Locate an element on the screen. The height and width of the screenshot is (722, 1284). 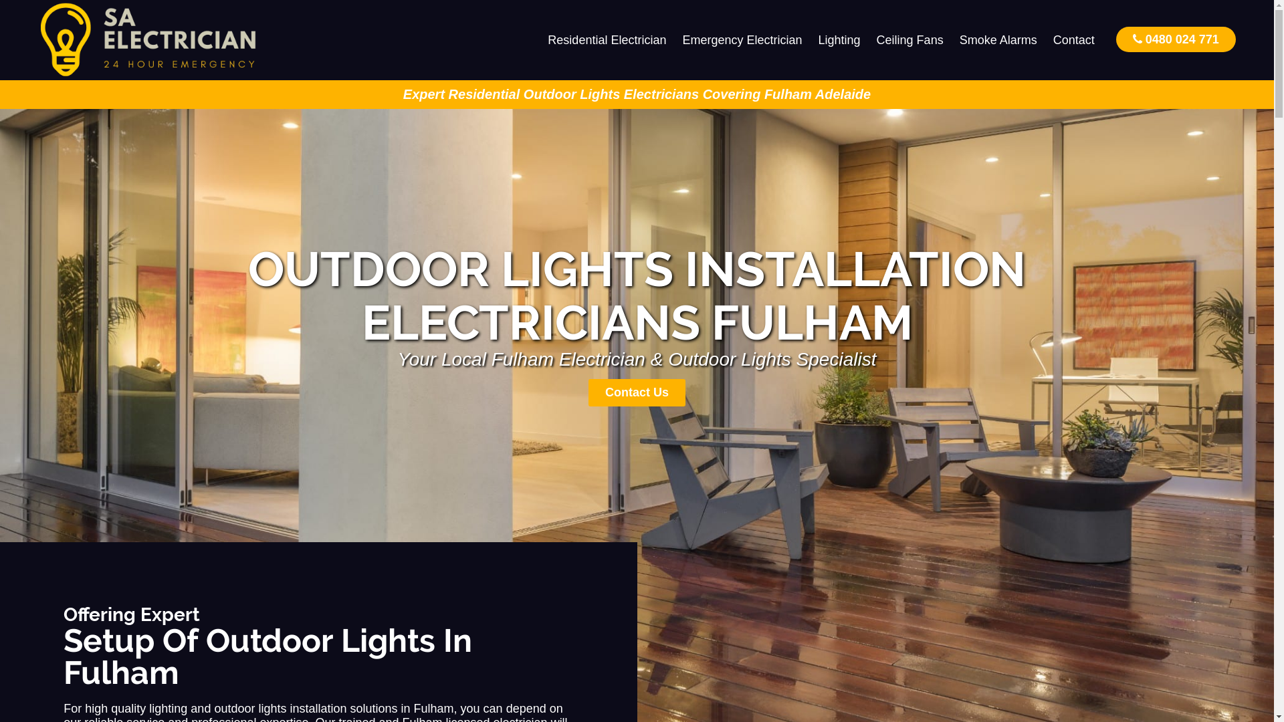
'Lighting' is located at coordinates (839, 39).